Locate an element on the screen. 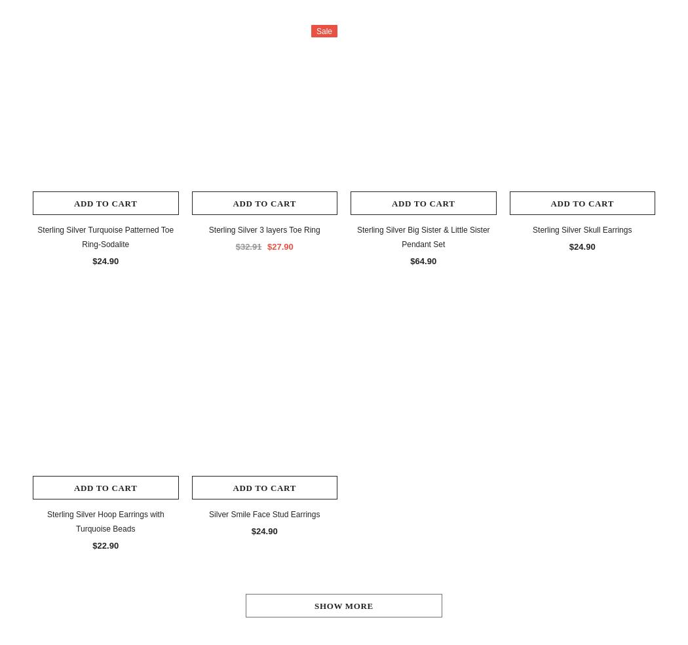 The height and width of the screenshot is (645, 688). '$32.91' is located at coordinates (248, 246).